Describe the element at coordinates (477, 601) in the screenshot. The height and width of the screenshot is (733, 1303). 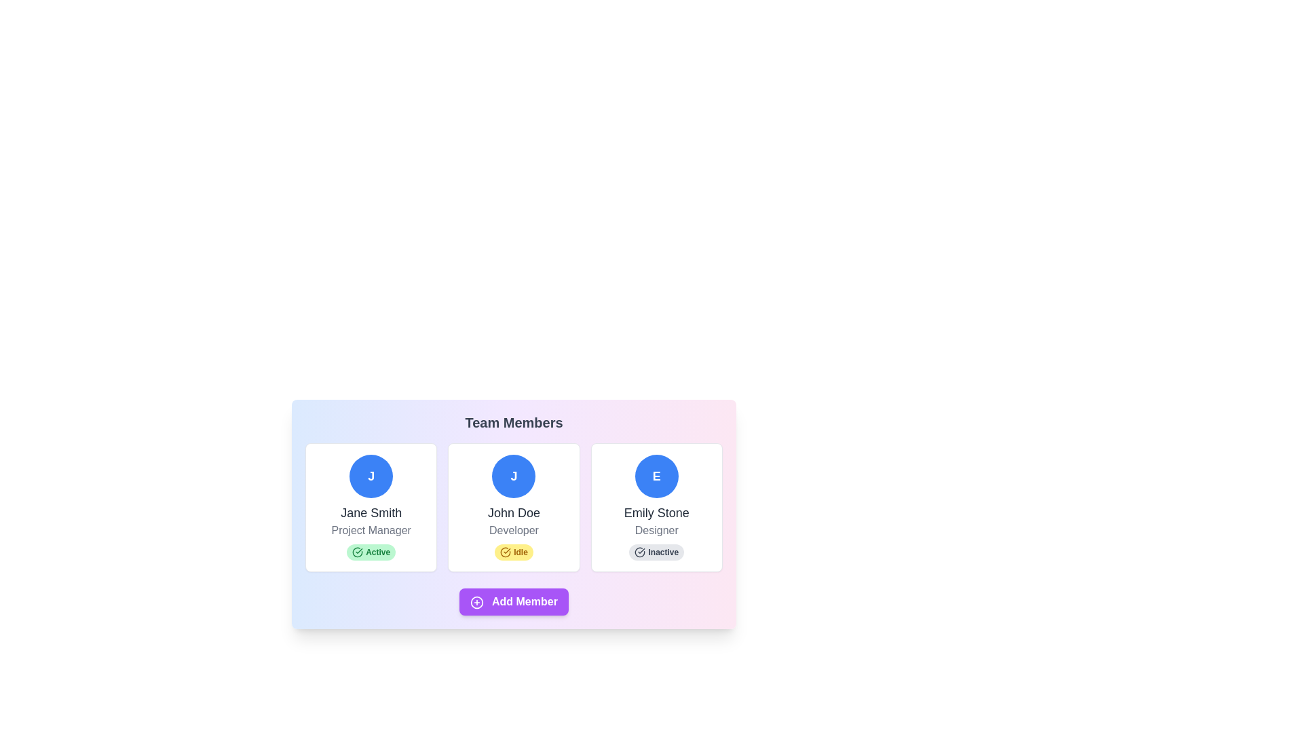
I see `the circular icon representing the action of adding a new member to the team, located to the left of the 'Add Member' text within a purple rectangular button` at that location.